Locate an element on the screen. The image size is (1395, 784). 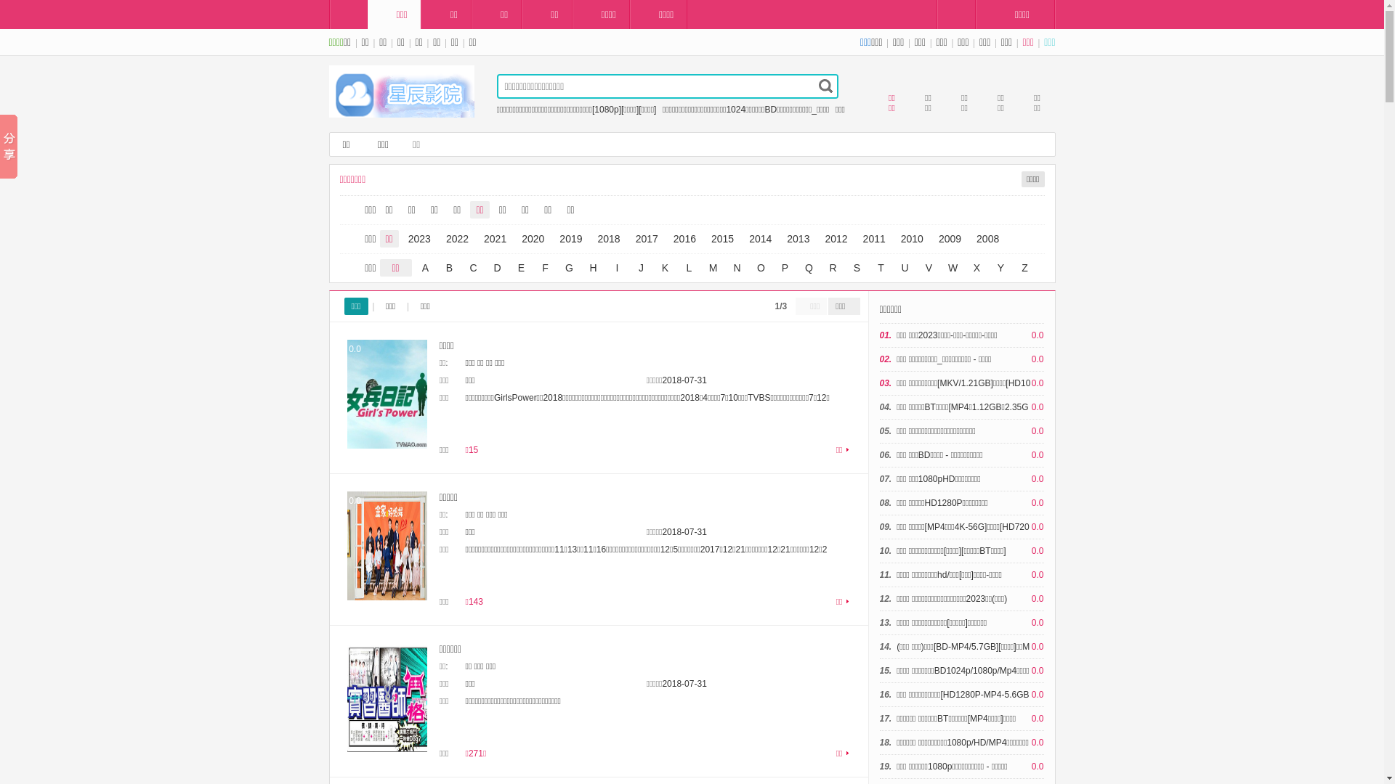
'T' is located at coordinates (870, 268).